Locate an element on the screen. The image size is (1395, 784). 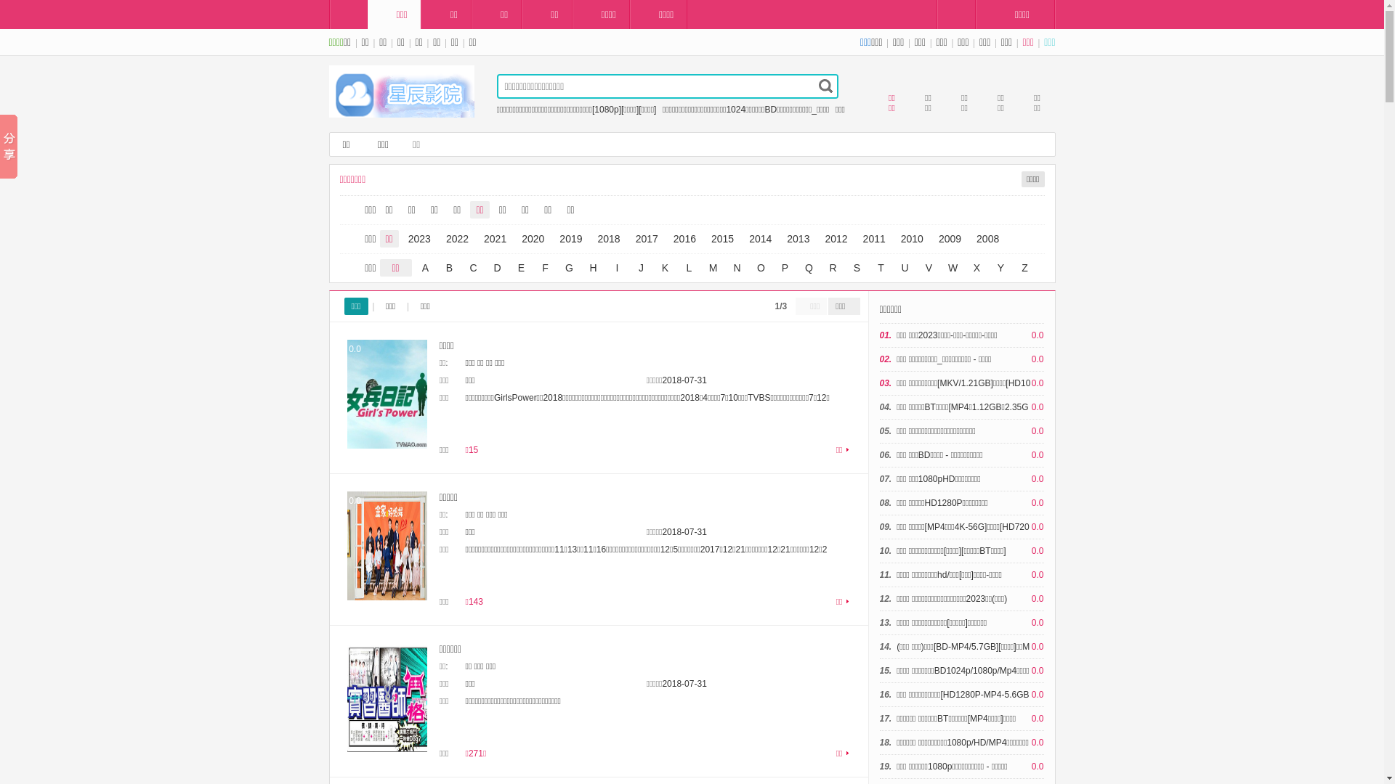
'T' is located at coordinates (870, 268).